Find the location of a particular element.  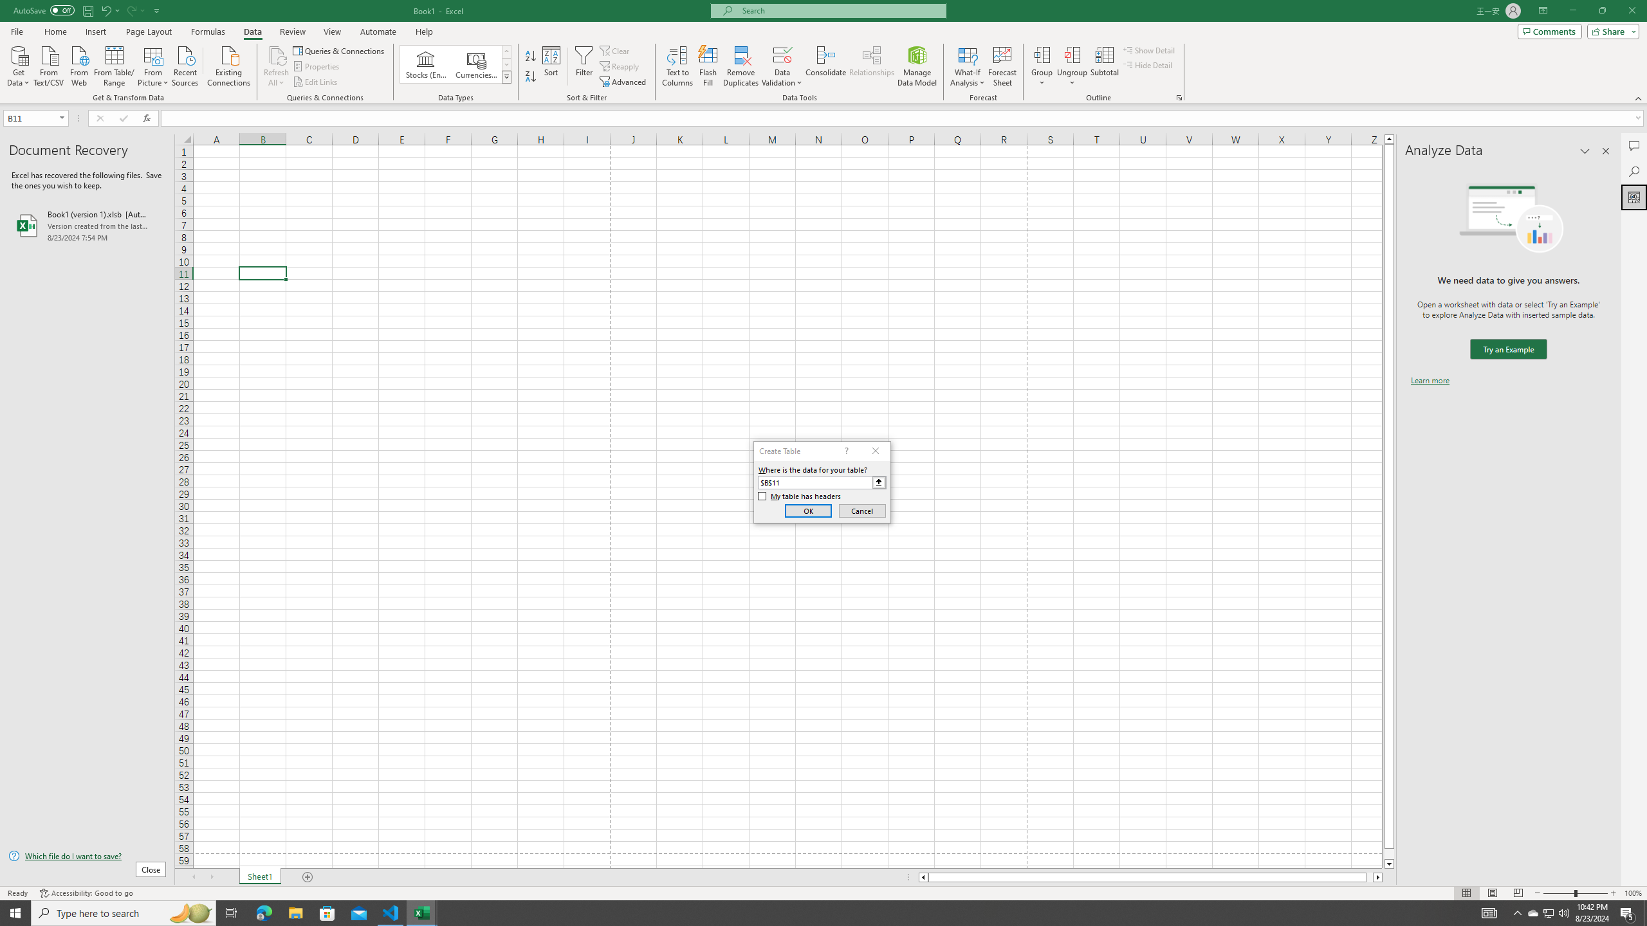

'Data' is located at coordinates (252, 32).